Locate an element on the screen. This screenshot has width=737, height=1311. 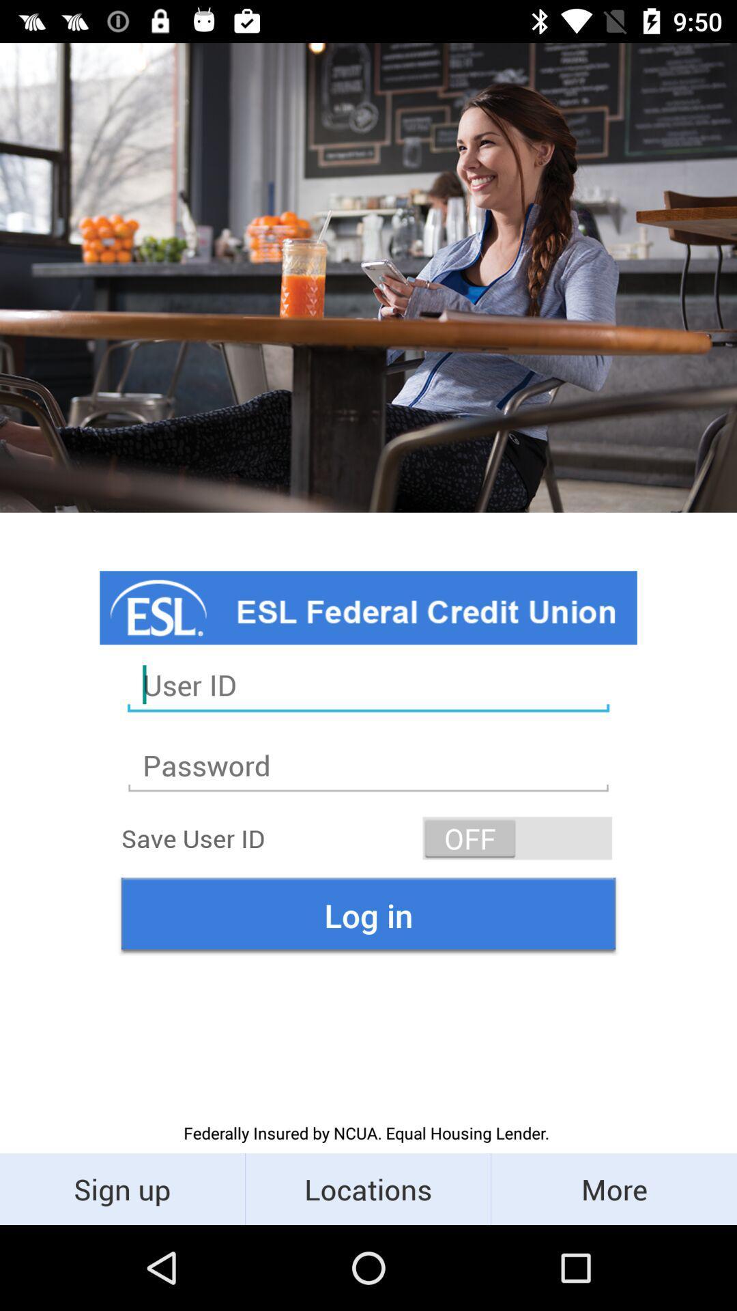
the item below the federally insured by item is located at coordinates (613, 1188).